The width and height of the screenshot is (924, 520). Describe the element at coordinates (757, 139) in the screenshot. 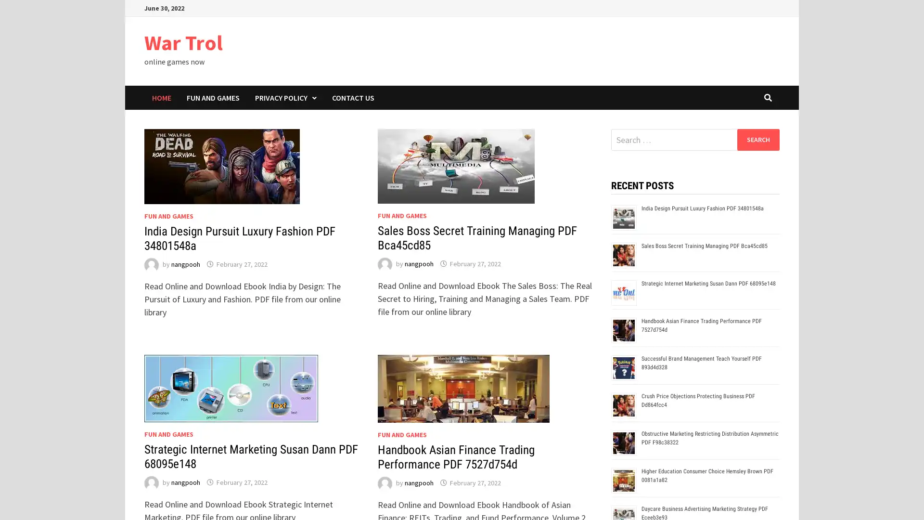

I see `Search` at that location.